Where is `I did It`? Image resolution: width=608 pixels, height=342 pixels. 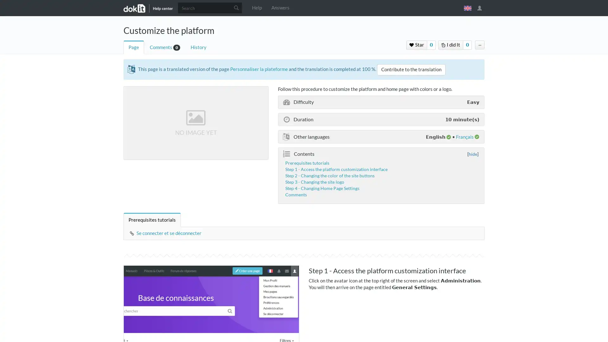 I did It is located at coordinates (450, 45).